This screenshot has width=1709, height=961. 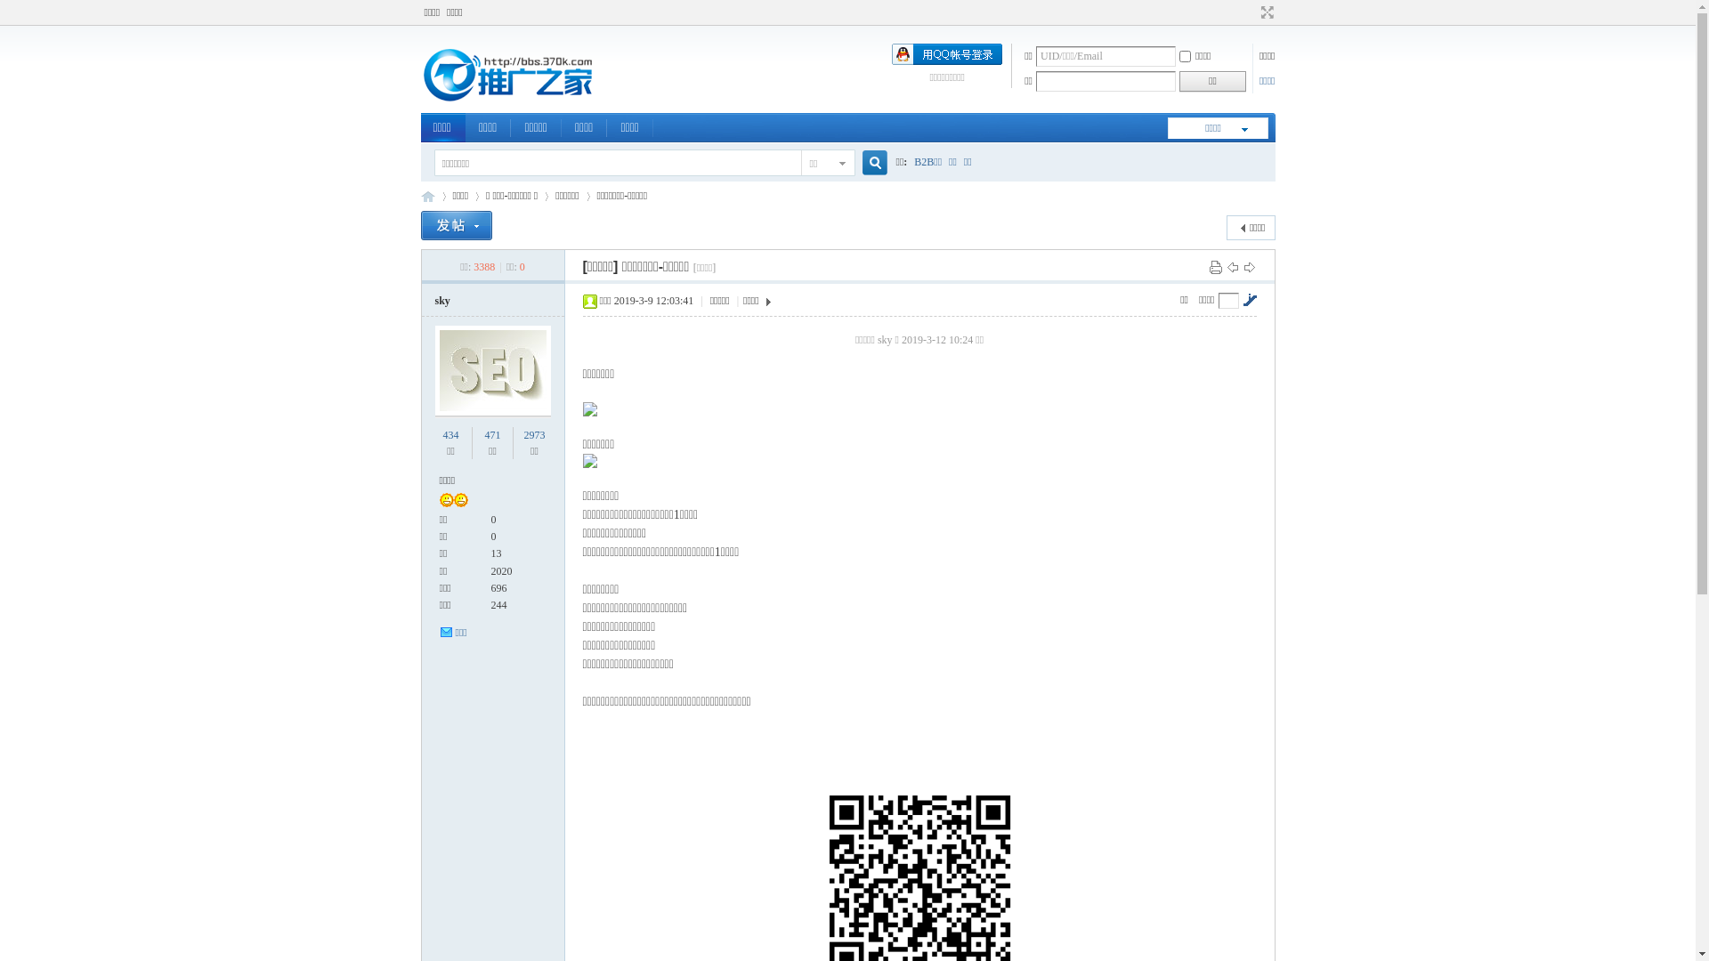 What do you see at coordinates (533, 435) in the screenshot?
I see `'2973'` at bounding box center [533, 435].